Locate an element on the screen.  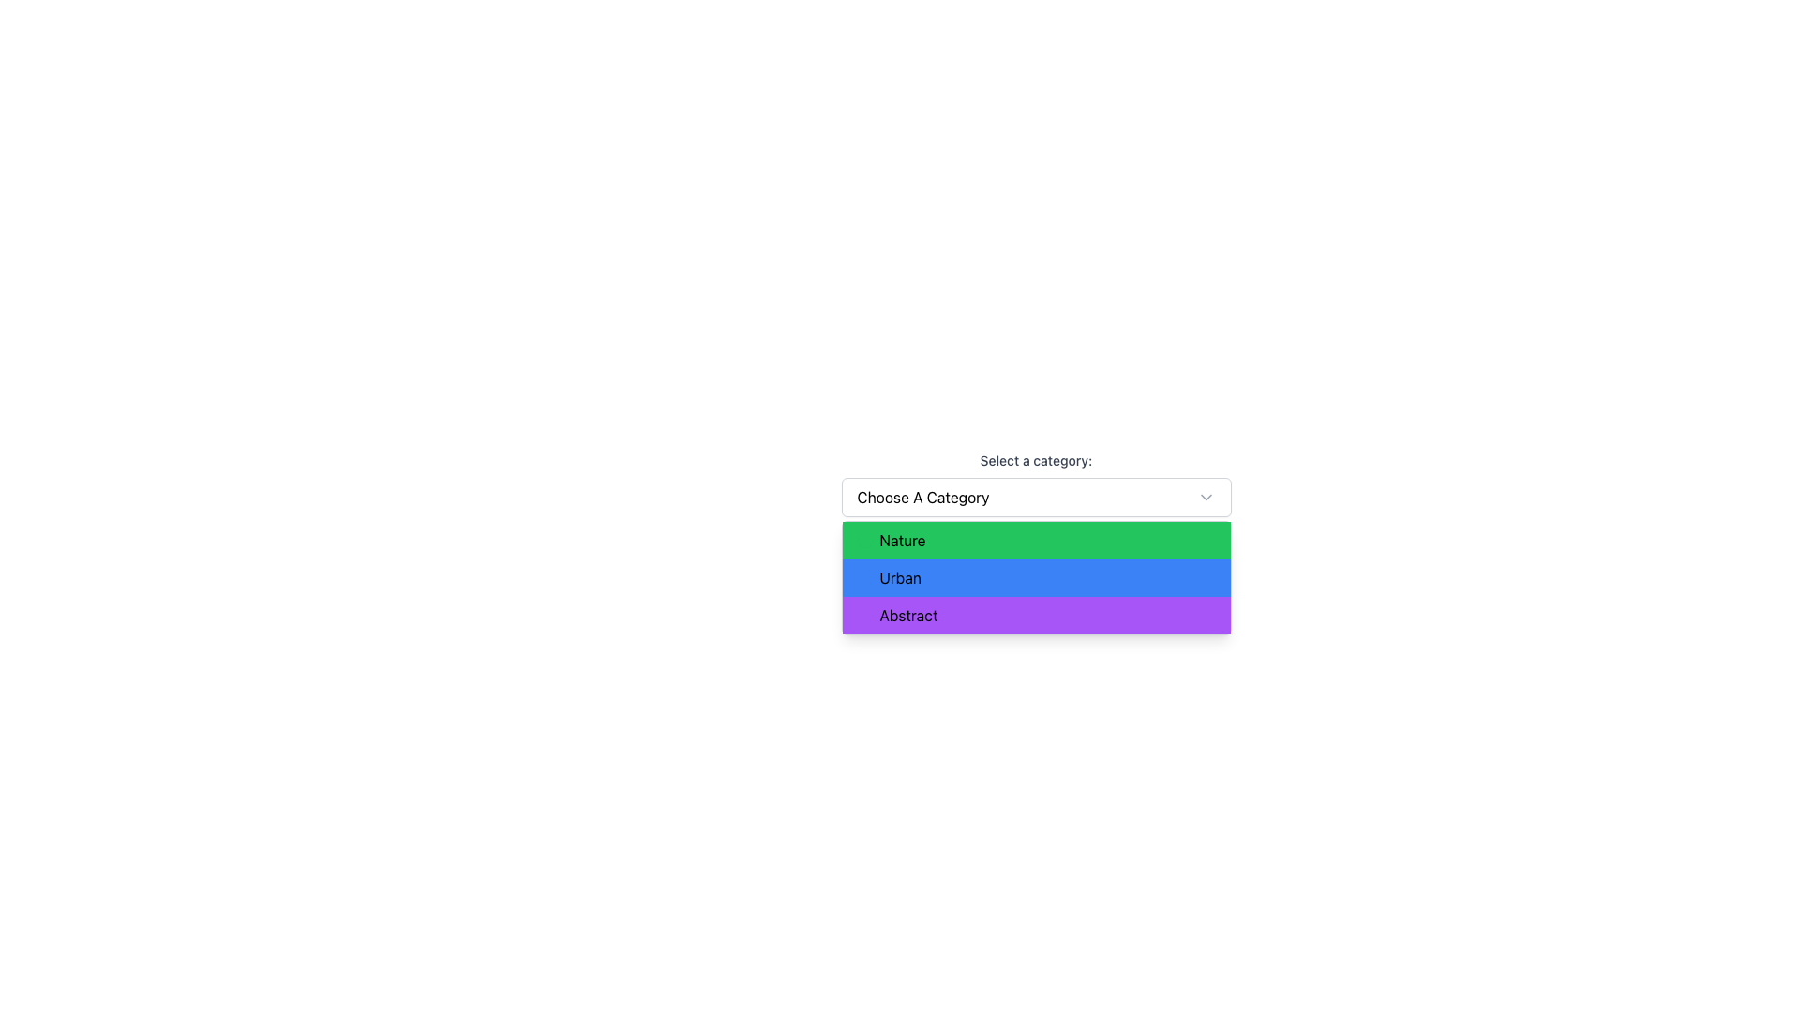
the first option in the dropdown menu labeled 'Nature' is located at coordinates (1035, 541).